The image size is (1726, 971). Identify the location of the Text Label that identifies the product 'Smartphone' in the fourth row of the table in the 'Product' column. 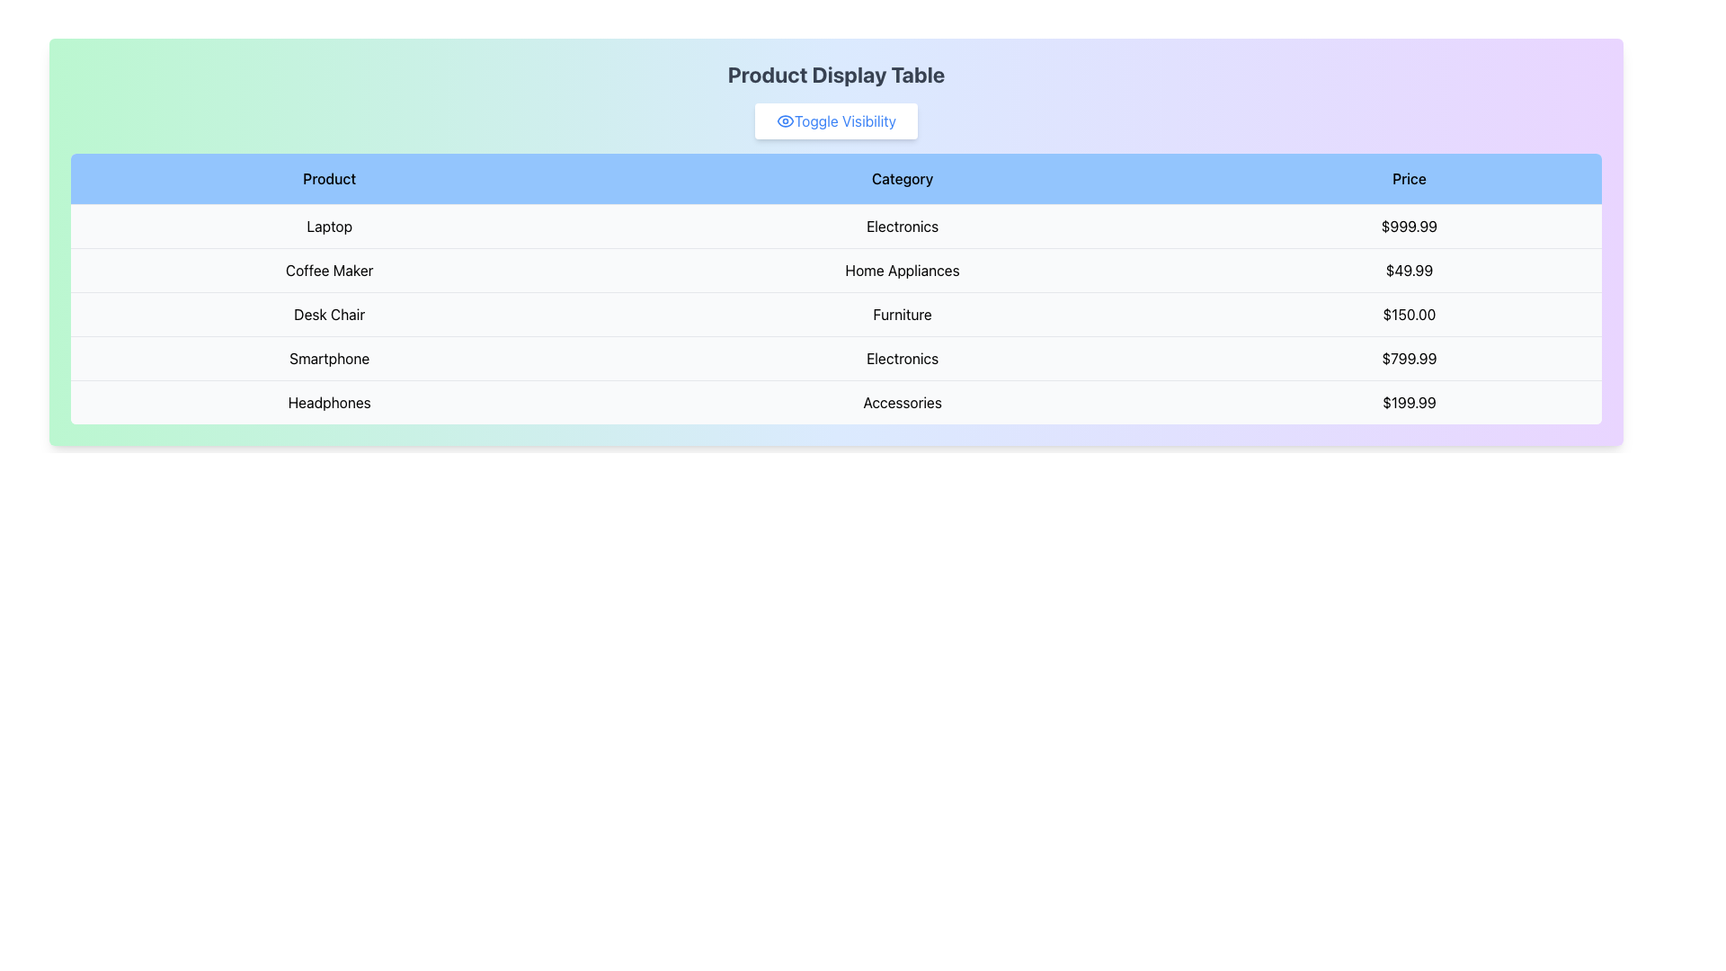
(329, 358).